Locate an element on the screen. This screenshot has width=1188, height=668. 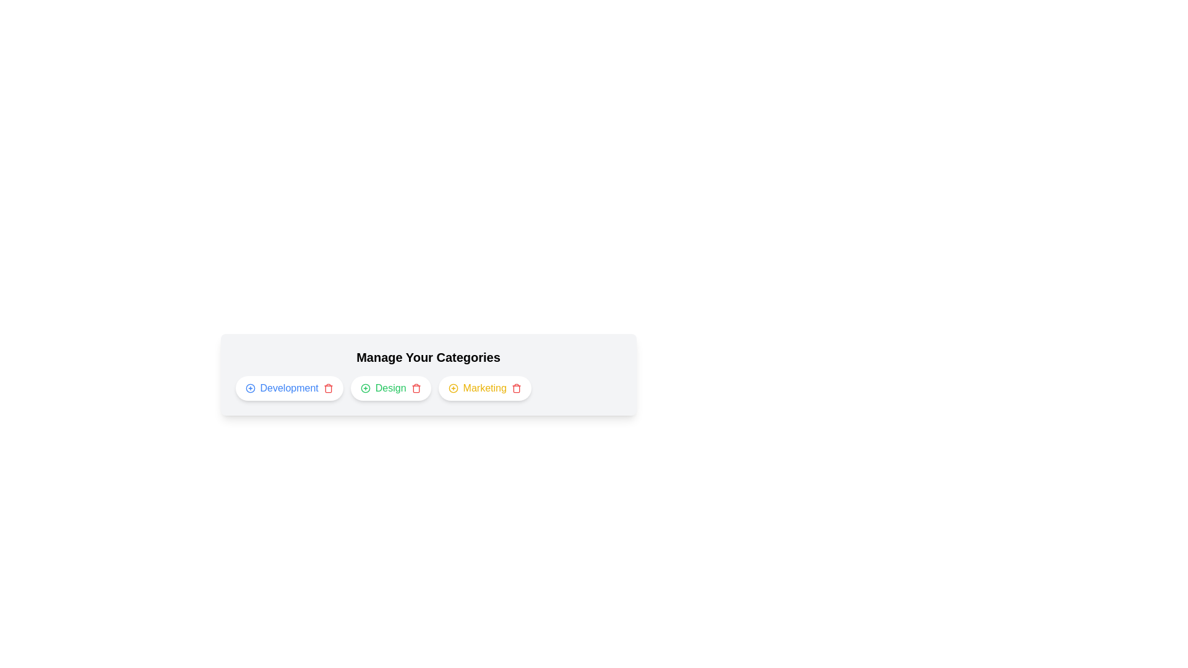
trash icon for the category Development to remove it is located at coordinates (328, 388).